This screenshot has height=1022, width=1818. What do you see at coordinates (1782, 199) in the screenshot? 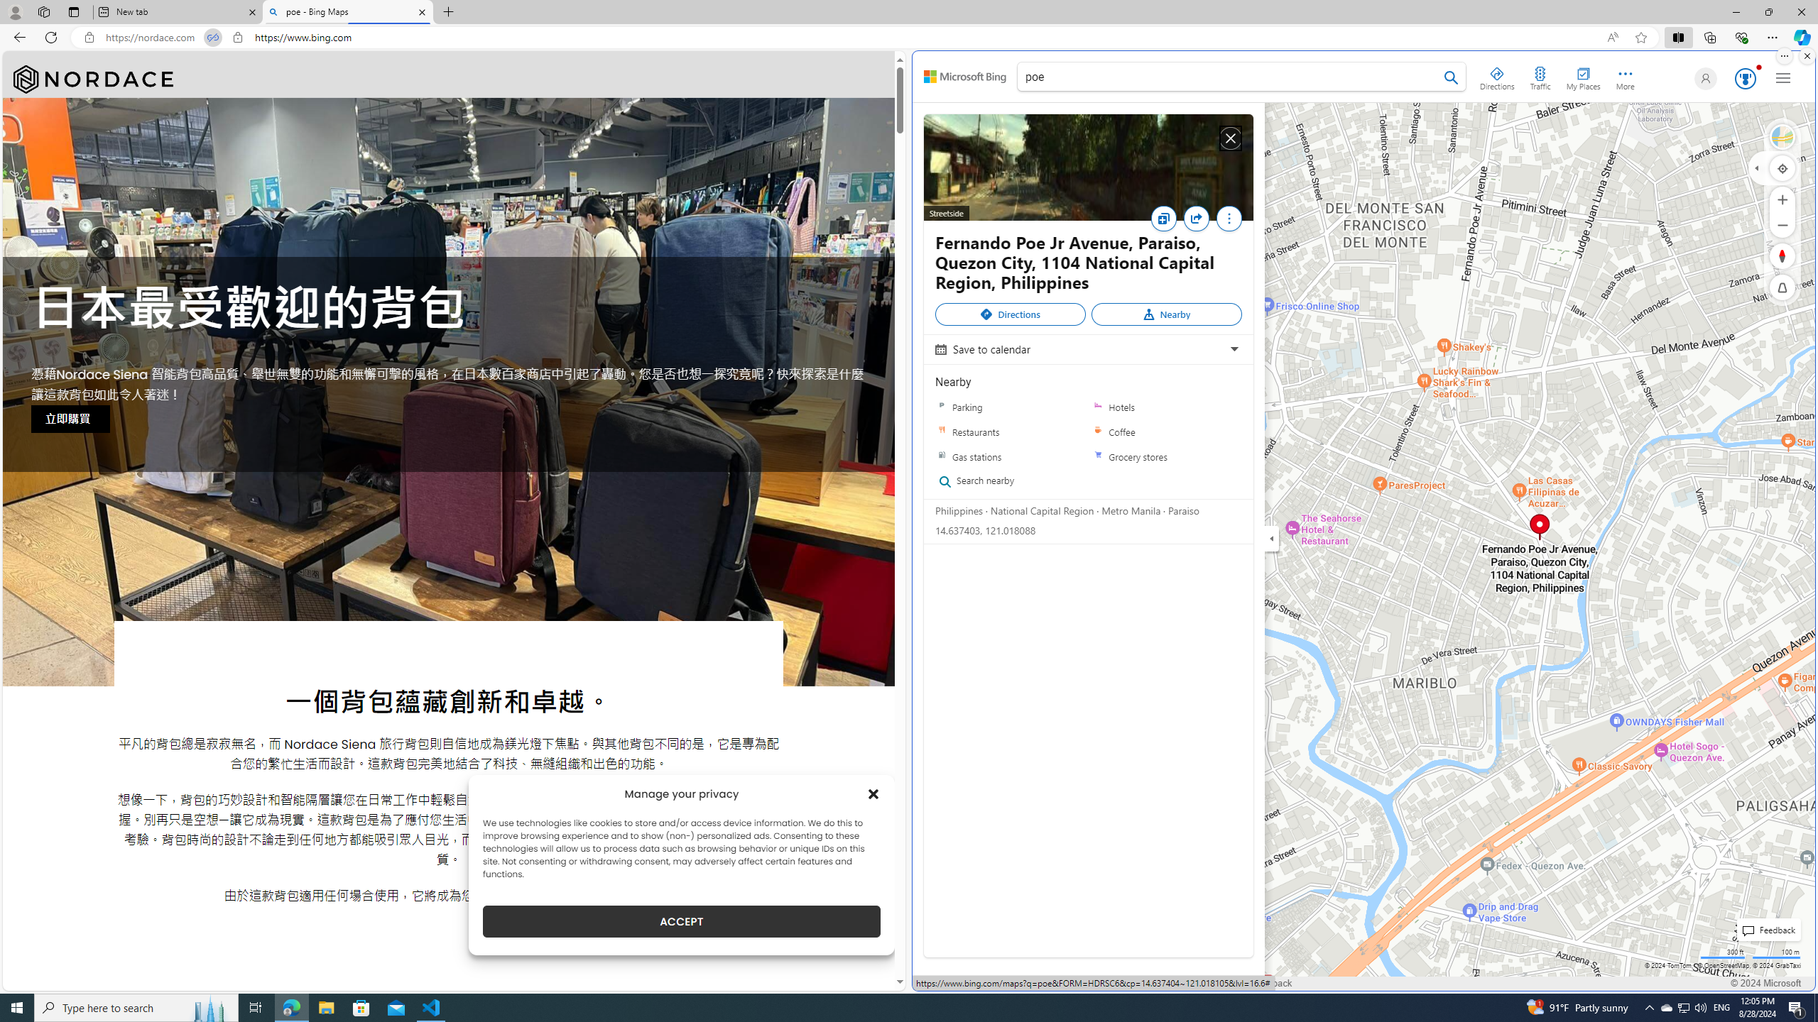
I see `'Zoom In'` at bounding box center [1782, 199].